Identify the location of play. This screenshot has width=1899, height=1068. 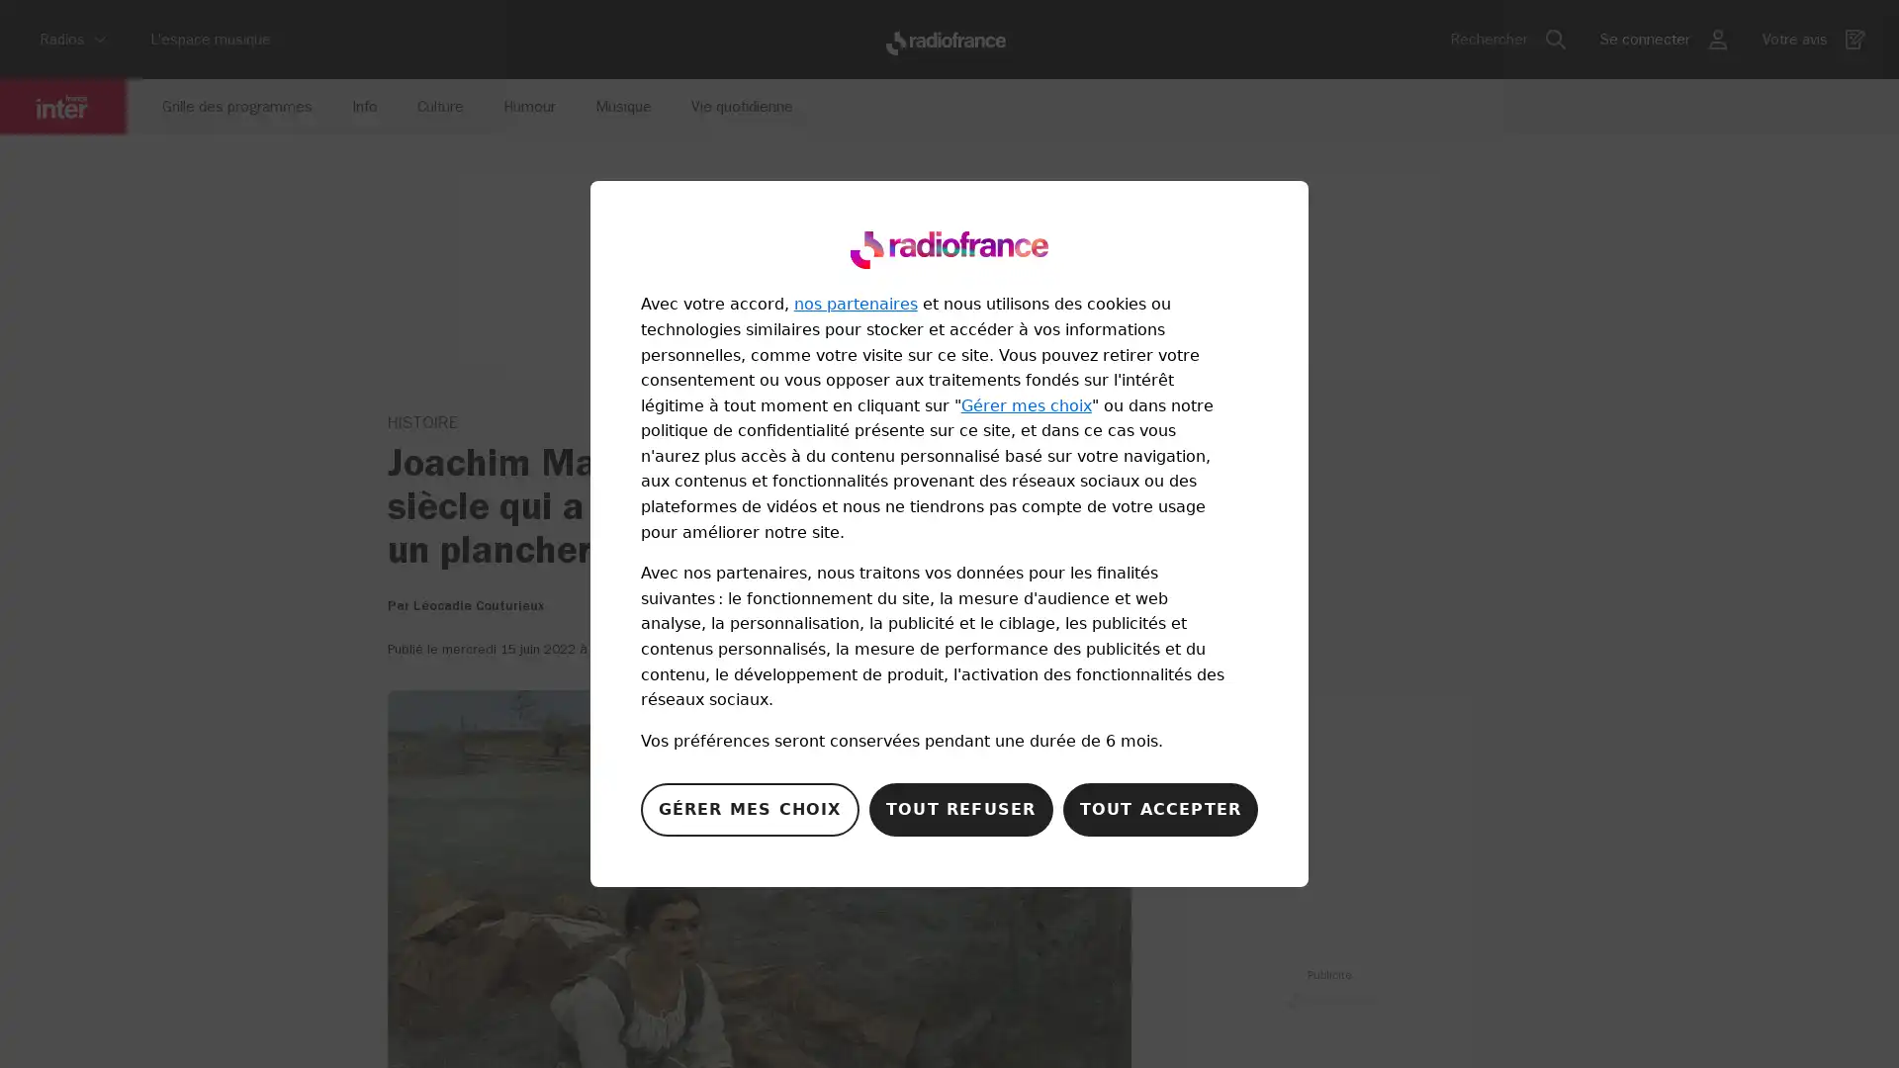
(981, 1017).